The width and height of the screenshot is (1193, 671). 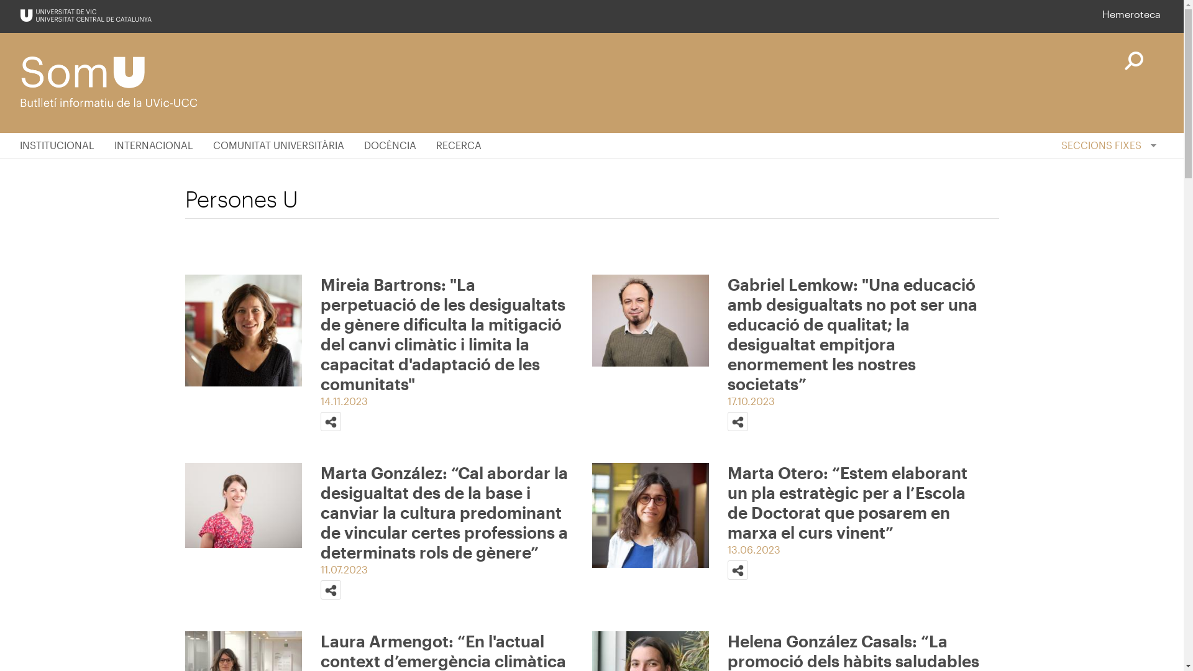 What do you see at coordinates (458, 145) in the screenshot?
I see `'RECERCA'` at bounding box center [458, 145].